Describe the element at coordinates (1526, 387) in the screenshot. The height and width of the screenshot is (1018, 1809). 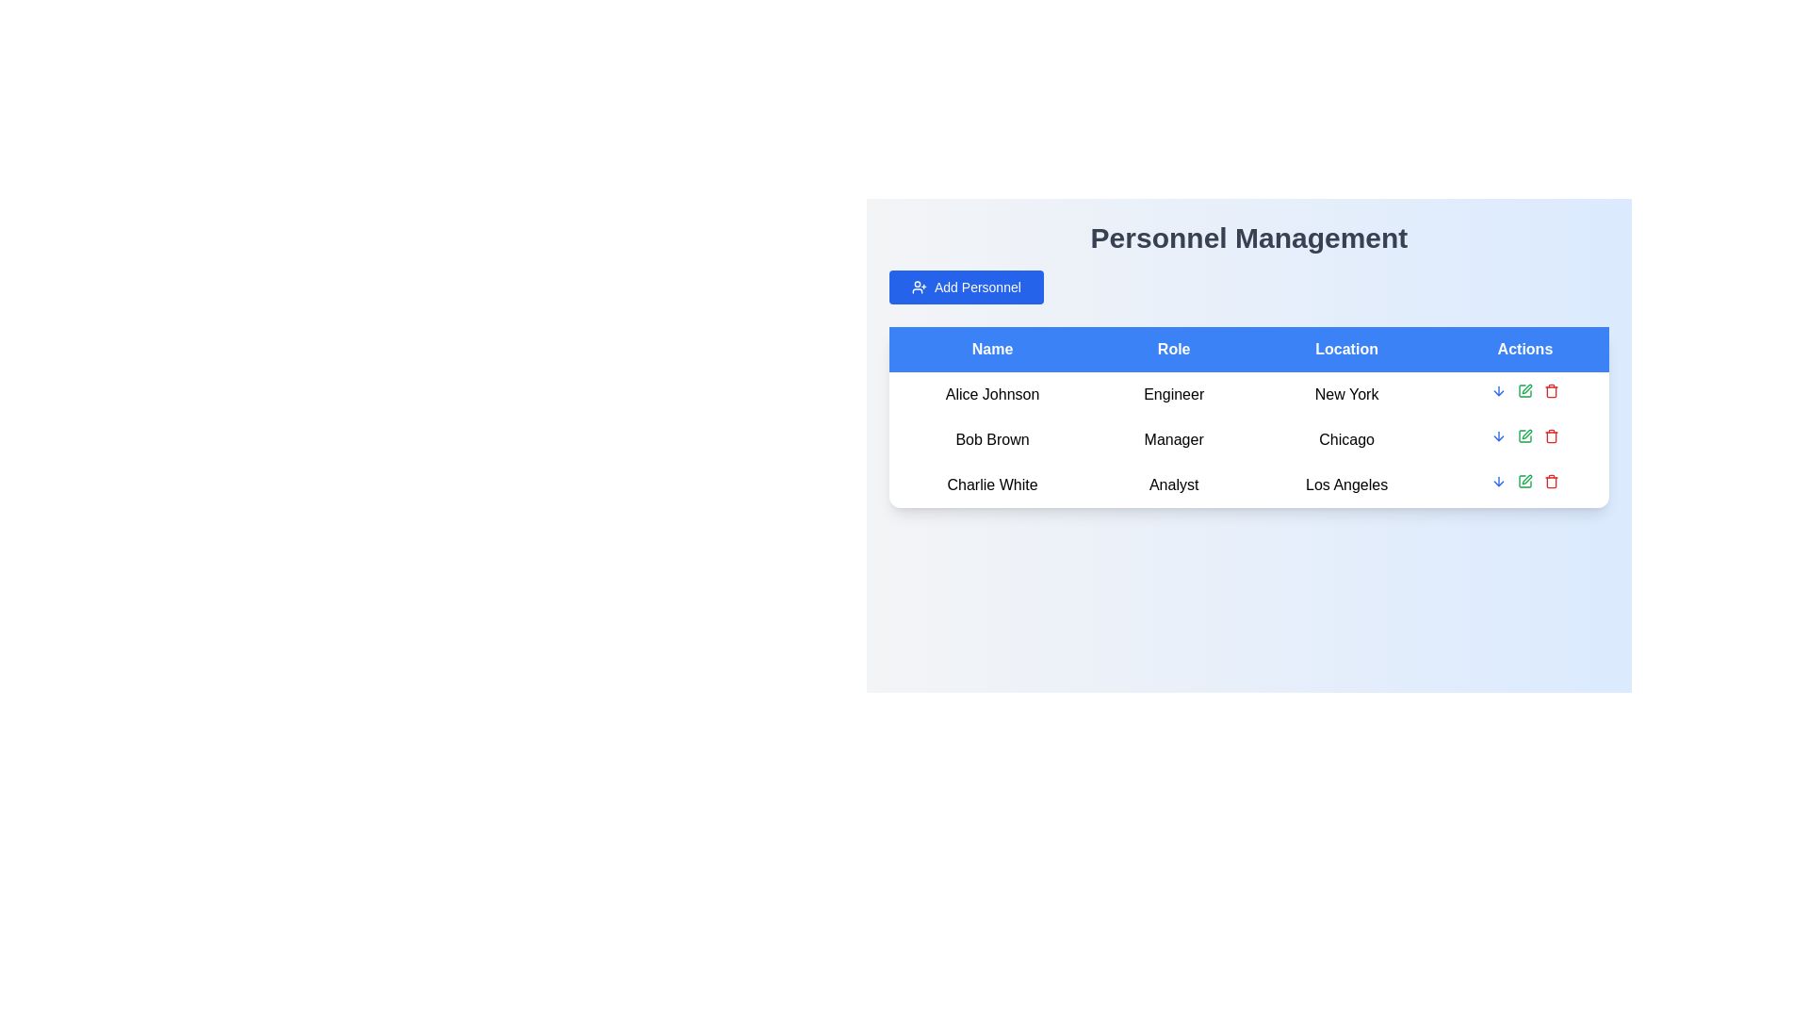
I see `the edit icon in the Actions column for the row associated with 'Bob Brown'` at that location.